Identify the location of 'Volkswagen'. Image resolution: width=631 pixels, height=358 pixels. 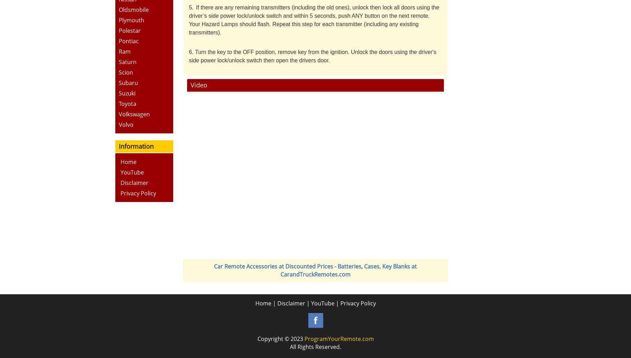
(118, 114).